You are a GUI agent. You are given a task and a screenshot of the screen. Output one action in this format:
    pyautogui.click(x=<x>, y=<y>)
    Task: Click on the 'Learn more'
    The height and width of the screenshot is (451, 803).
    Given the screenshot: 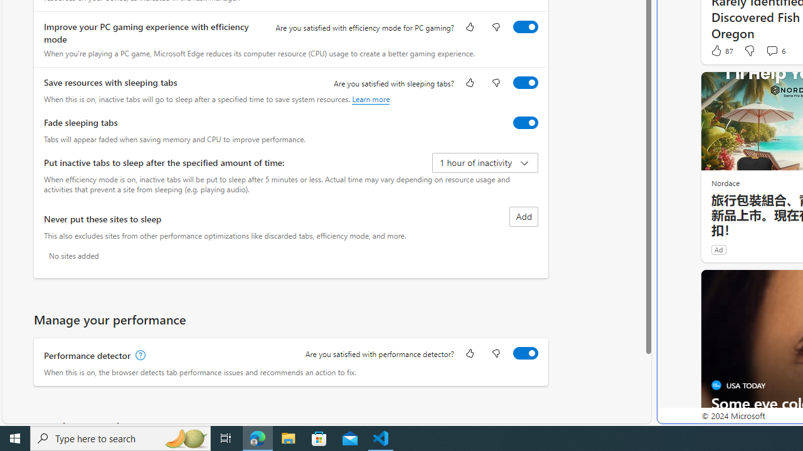 What is the action you would take?
    pyautogui.click(x=370, y=98)
    